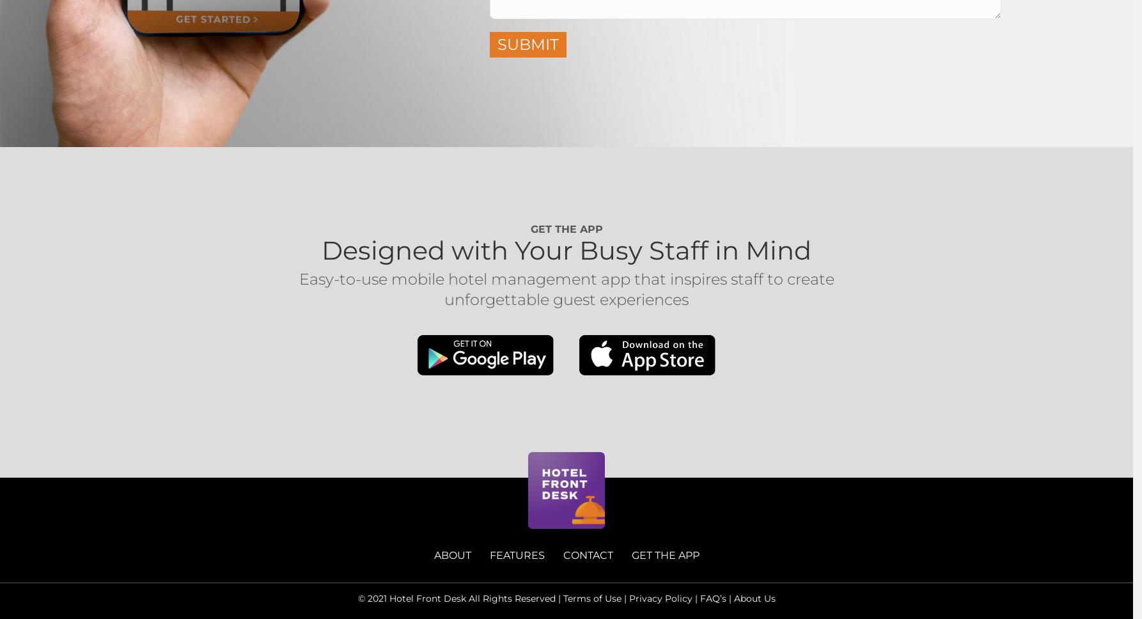 The image size is (1142, 619). Describe the element at coordinates (591, 597) in the screenshot. I see `'Terms of  Use'` at that location.